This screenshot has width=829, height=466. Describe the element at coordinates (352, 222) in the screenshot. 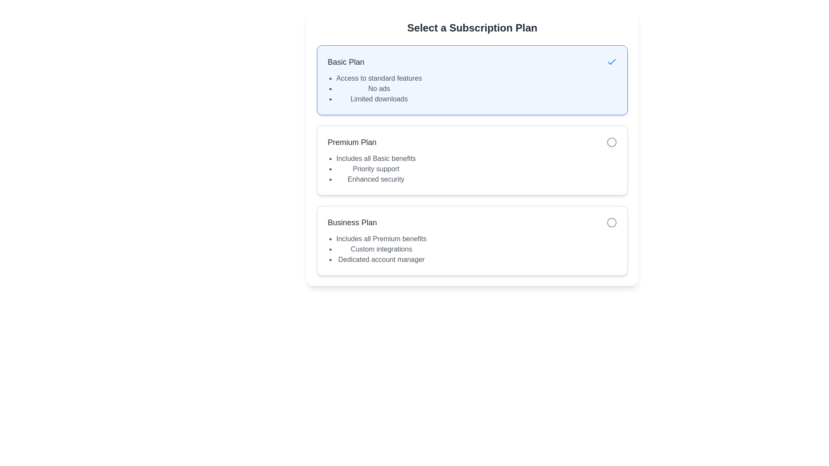

I see `the text label element reading 'Business Plan', which is styled with a large font size and dark gray color, located below the 'Premium Plan' option` at that location.